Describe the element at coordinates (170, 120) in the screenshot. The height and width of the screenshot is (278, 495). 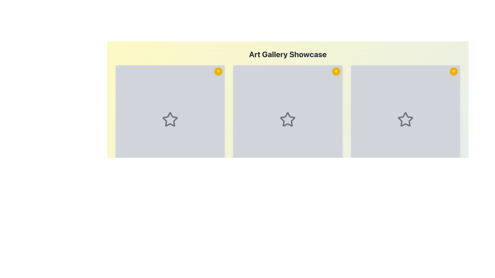
I see `the star icon located in the first card of a horizontally aligned grid layout to interact with it` at that location.